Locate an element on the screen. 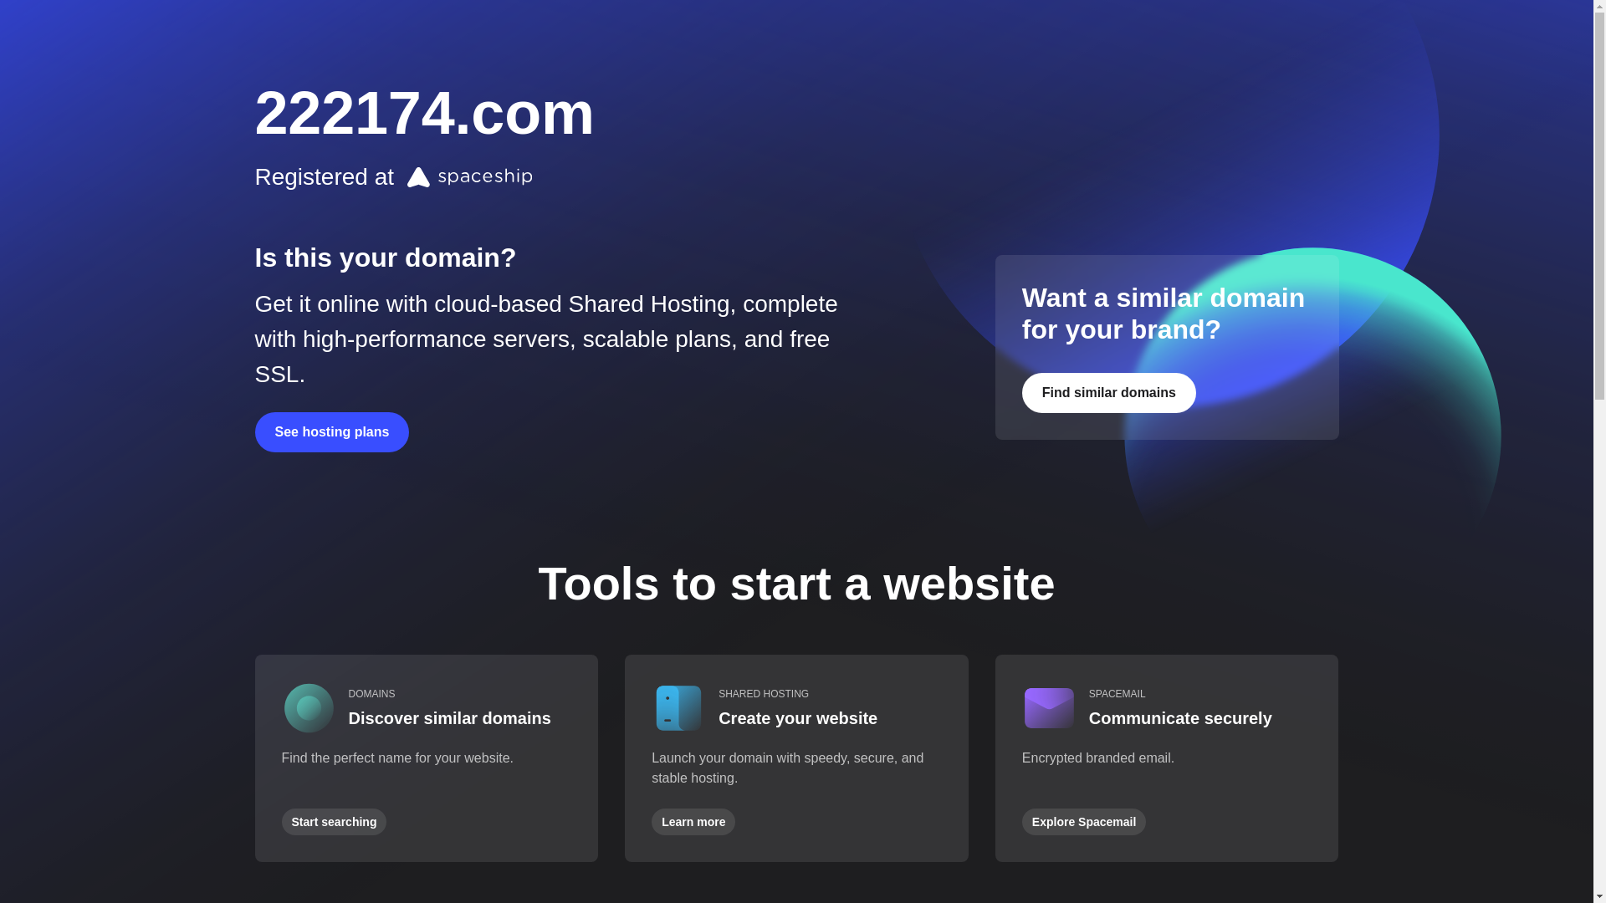 This screenshot has height=903, width=1606. 'Explore Spacemail' is located at coordinates (1084, 821).